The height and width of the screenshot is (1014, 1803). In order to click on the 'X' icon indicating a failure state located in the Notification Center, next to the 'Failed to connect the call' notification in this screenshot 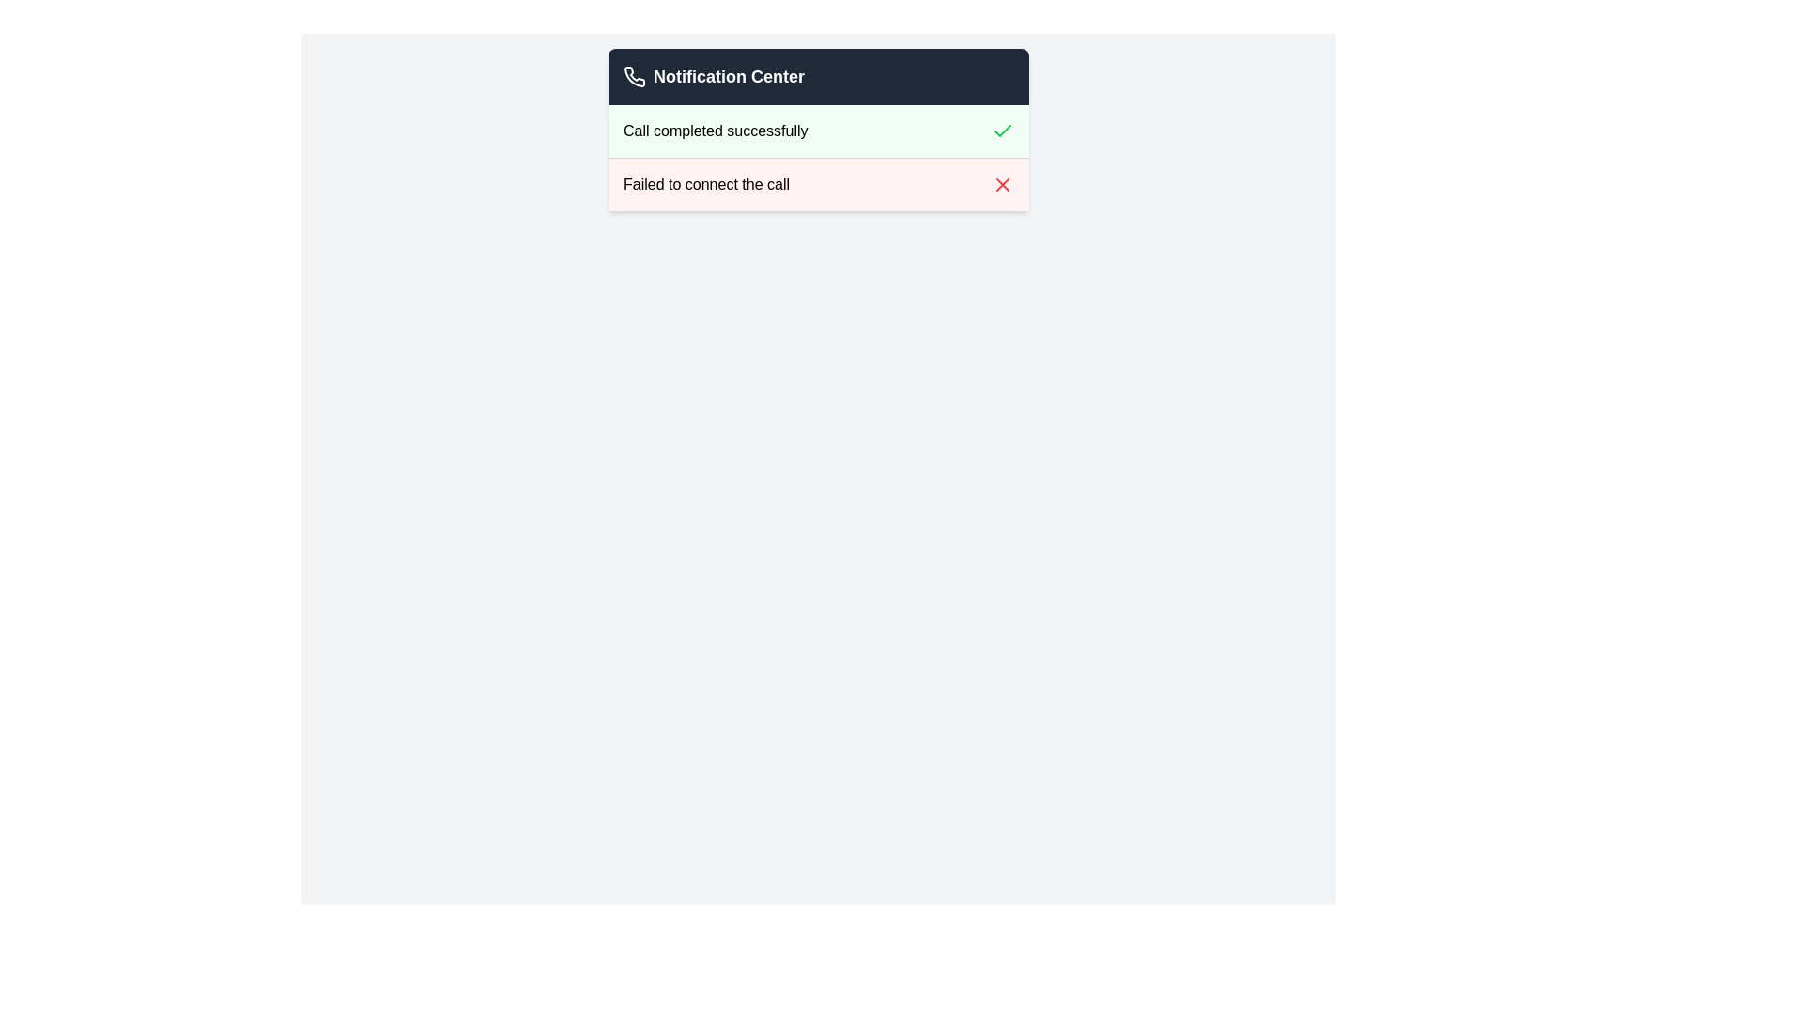, I will do `click(1002, 184)`.